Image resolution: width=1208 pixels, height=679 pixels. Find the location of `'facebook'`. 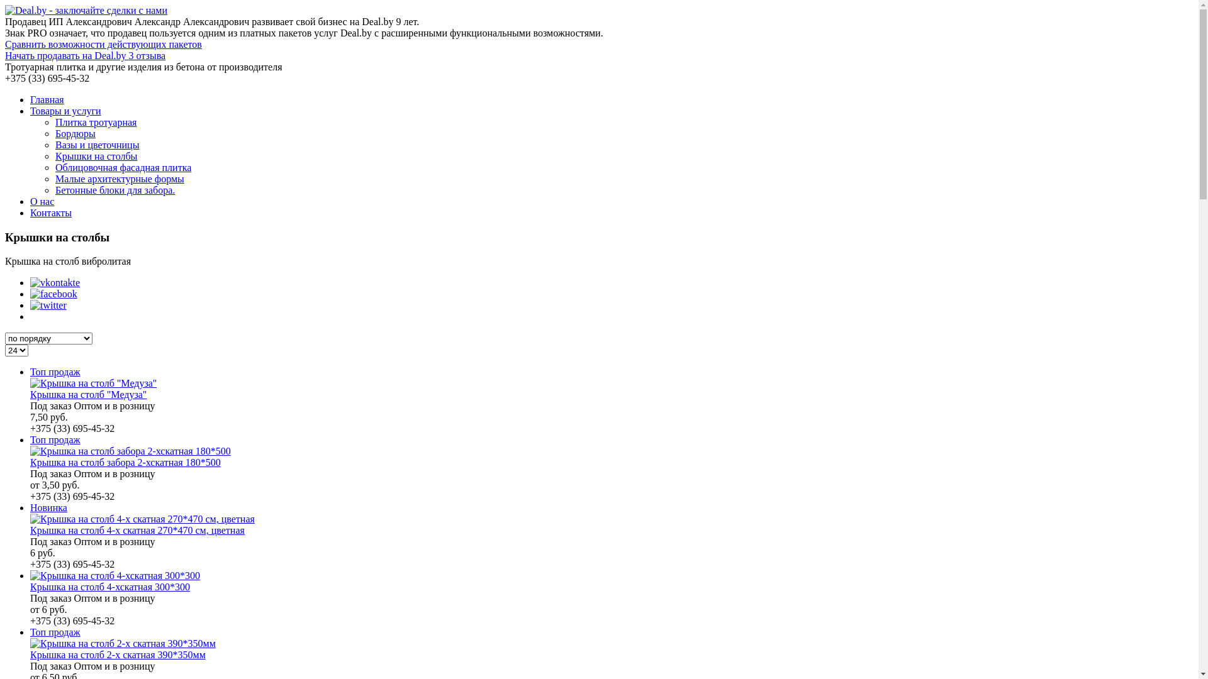

'facebook' is located at coordinates (53, 294).